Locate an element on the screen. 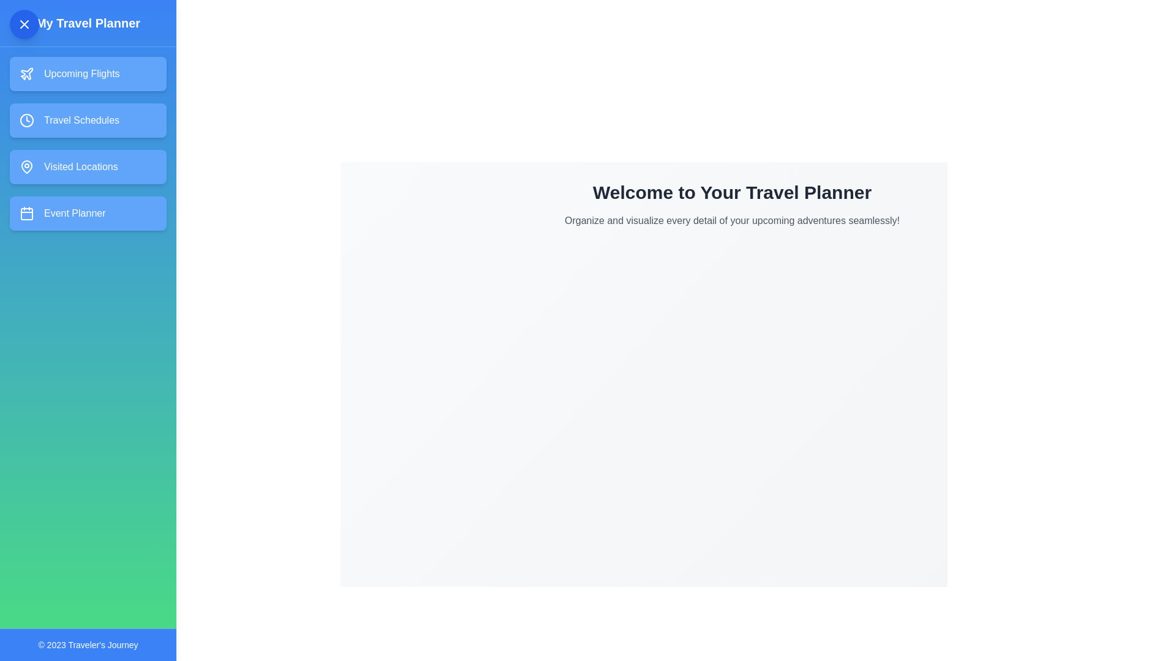 This screenshot has width=1176, height=661. the small calendar icon with a white outline against a blue background, located to the left of the 'Event Planner' text in the vertical navigation bar is located at coordinates (26, 212).